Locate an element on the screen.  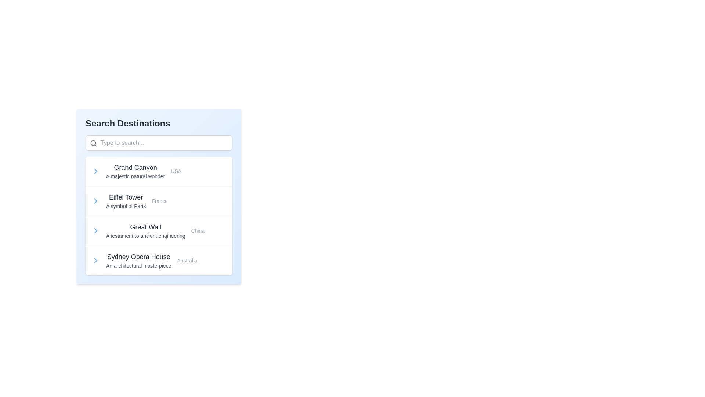
the static text label indicating the geographic location relevant to the 'Grand Canyon' entry, which is positioned to the right of the subtitle 'A majestic natural wonder' is located at coordinates (176, 171).